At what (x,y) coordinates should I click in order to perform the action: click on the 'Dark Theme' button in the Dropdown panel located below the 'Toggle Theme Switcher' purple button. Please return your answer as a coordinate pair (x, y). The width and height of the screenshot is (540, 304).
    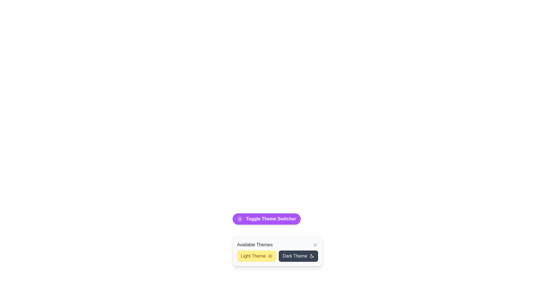
    Looking at the image, I should click on (277, 251).